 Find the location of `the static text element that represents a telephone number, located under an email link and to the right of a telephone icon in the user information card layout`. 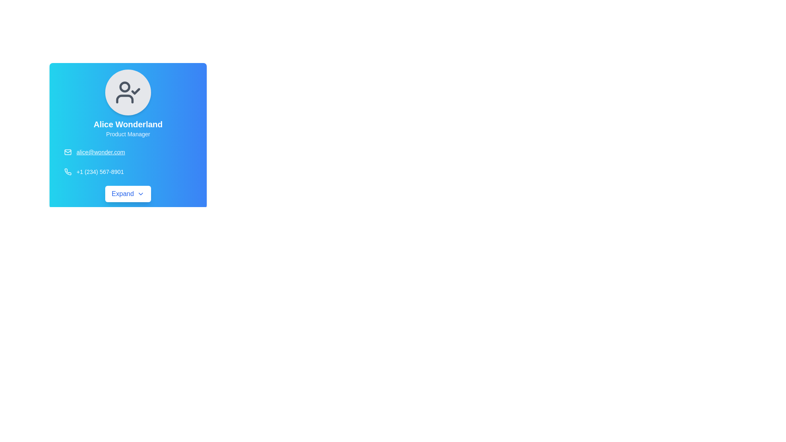

the static text element that represents a telephone number, located under an email link and to the right of a telephone icon in the user information card layout is located at coordinates (99, 171).